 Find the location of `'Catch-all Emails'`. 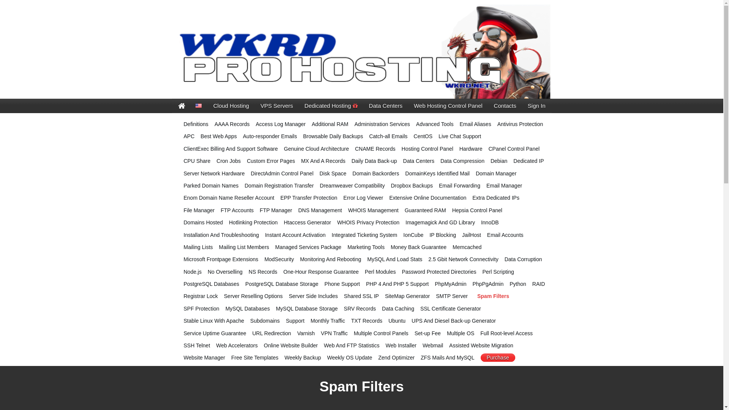

'Catch-all Emails' is located at coordinates (388, 136).